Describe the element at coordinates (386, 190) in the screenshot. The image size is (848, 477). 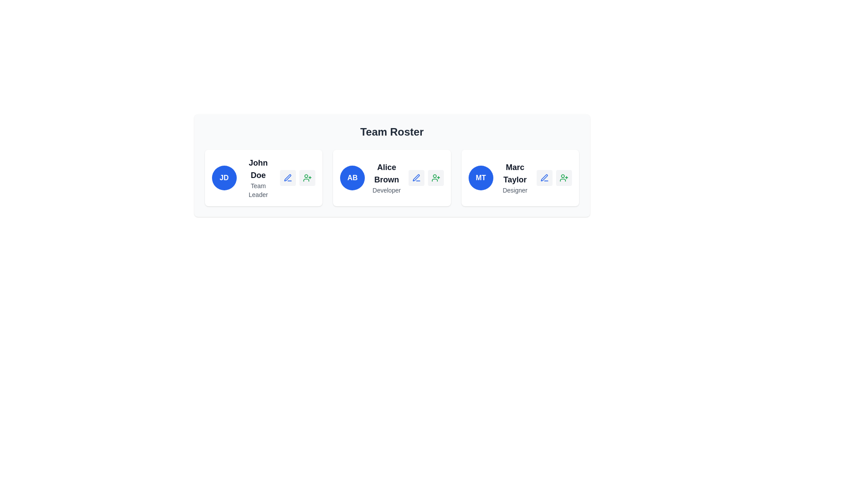
I see `the static text label reading 'Developer' that is styled with a light gray font and located below the bold 'Alice Brown' text in the central profile card` at that location.